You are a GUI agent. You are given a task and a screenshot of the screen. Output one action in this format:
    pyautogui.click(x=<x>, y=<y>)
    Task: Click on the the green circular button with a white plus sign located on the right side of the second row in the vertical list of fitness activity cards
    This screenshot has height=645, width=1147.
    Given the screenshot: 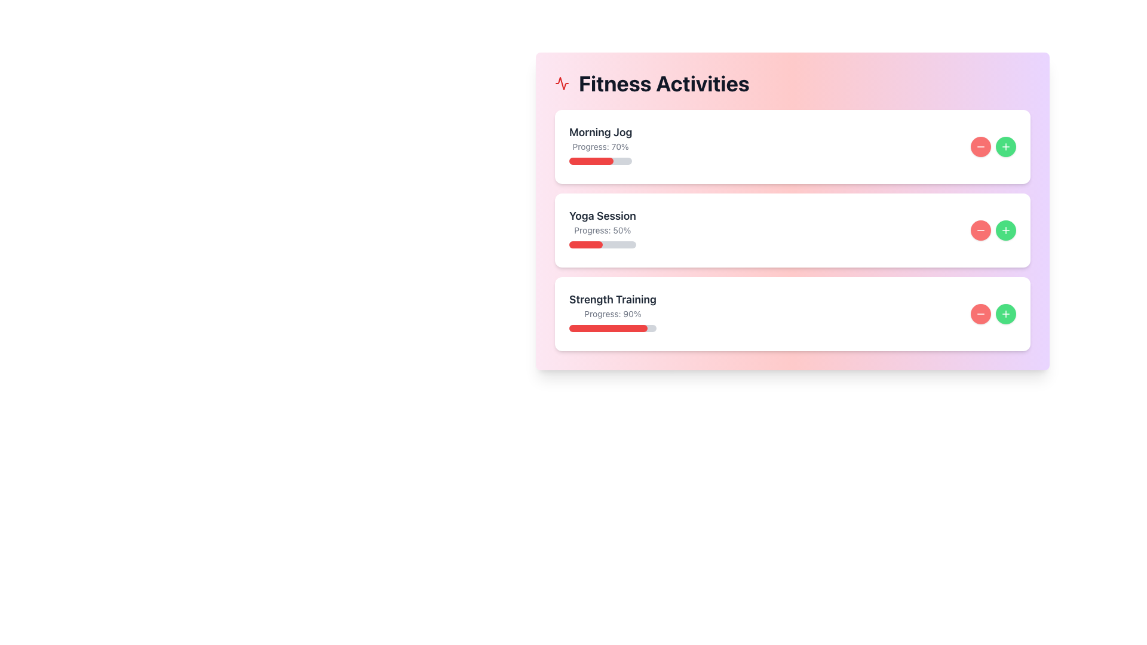 What is the action you would take?
    pyautogui.click(x=1005, y=146)
    